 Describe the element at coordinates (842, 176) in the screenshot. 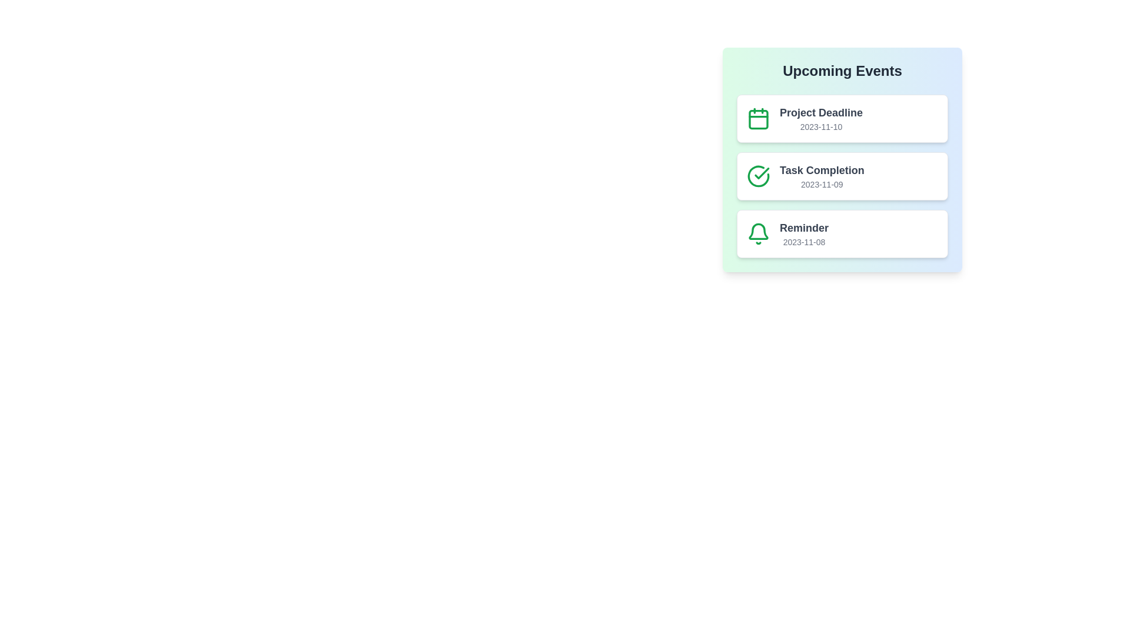

I see `the list item corresponding to Task Completion to view its details` at that location.